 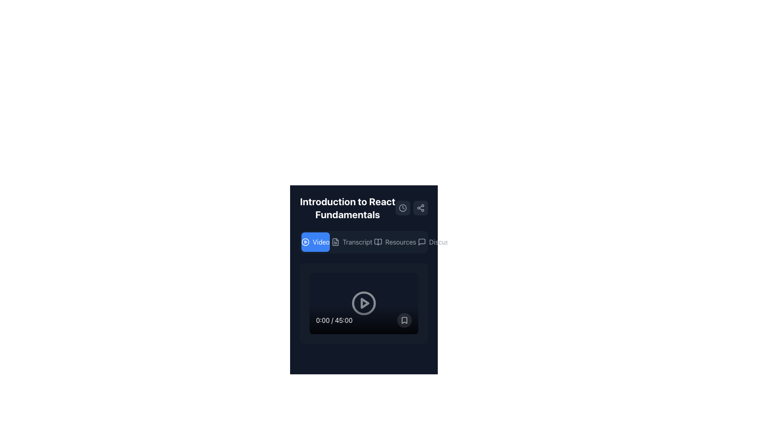 What do you see at coordinates (405, 320) in the screenshot?
I see `the save icon located near the bottom-right corner of the video playback section, adjacent to the duration indicator` at bounding box center [405, 320].